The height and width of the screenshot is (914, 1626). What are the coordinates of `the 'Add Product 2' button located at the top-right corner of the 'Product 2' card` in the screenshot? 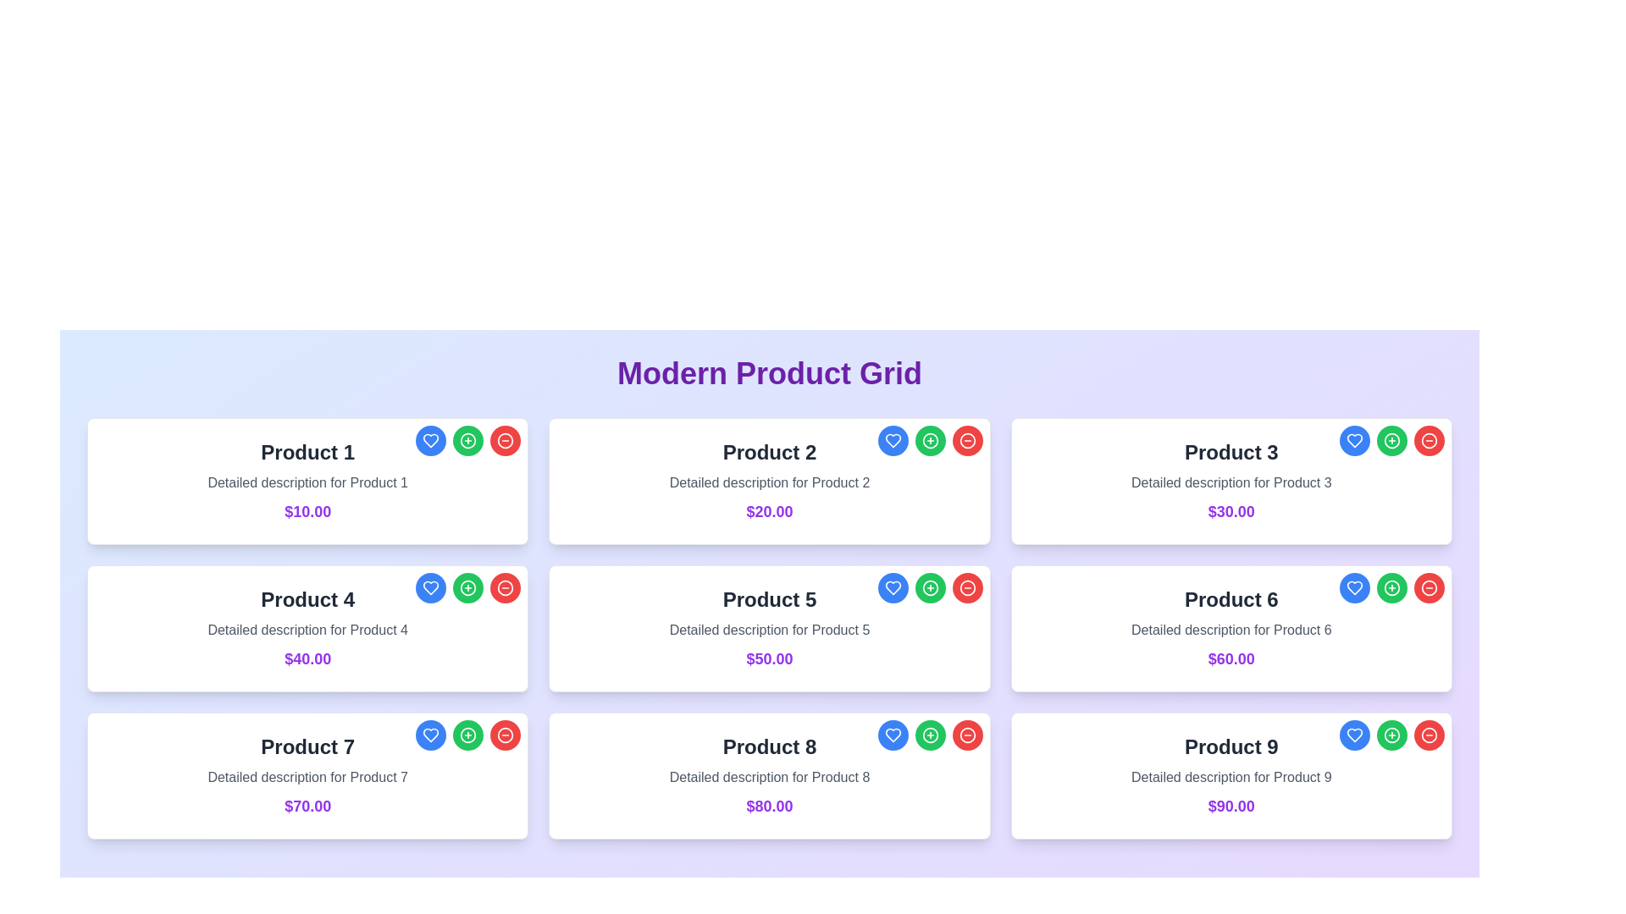 It's located at (929, 439).